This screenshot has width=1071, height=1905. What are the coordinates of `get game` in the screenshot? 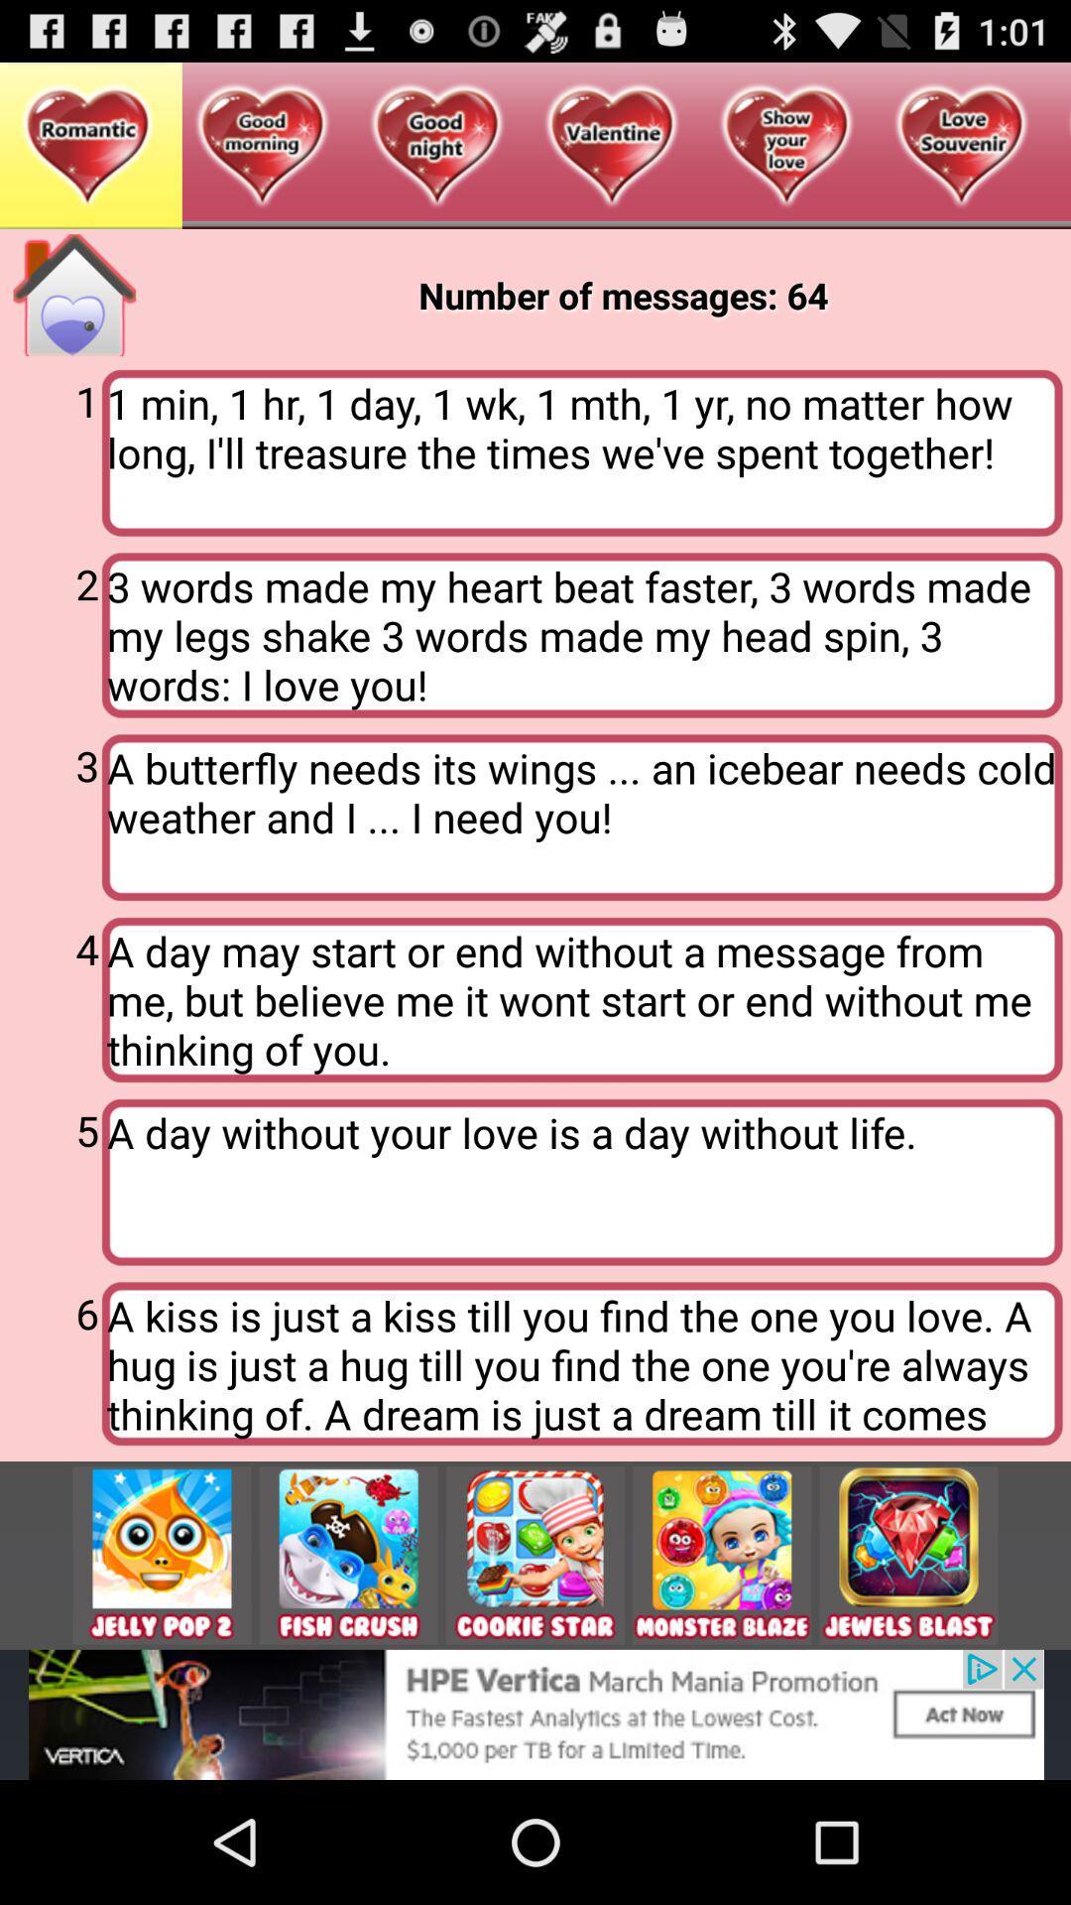 It's located at (535, 1554).